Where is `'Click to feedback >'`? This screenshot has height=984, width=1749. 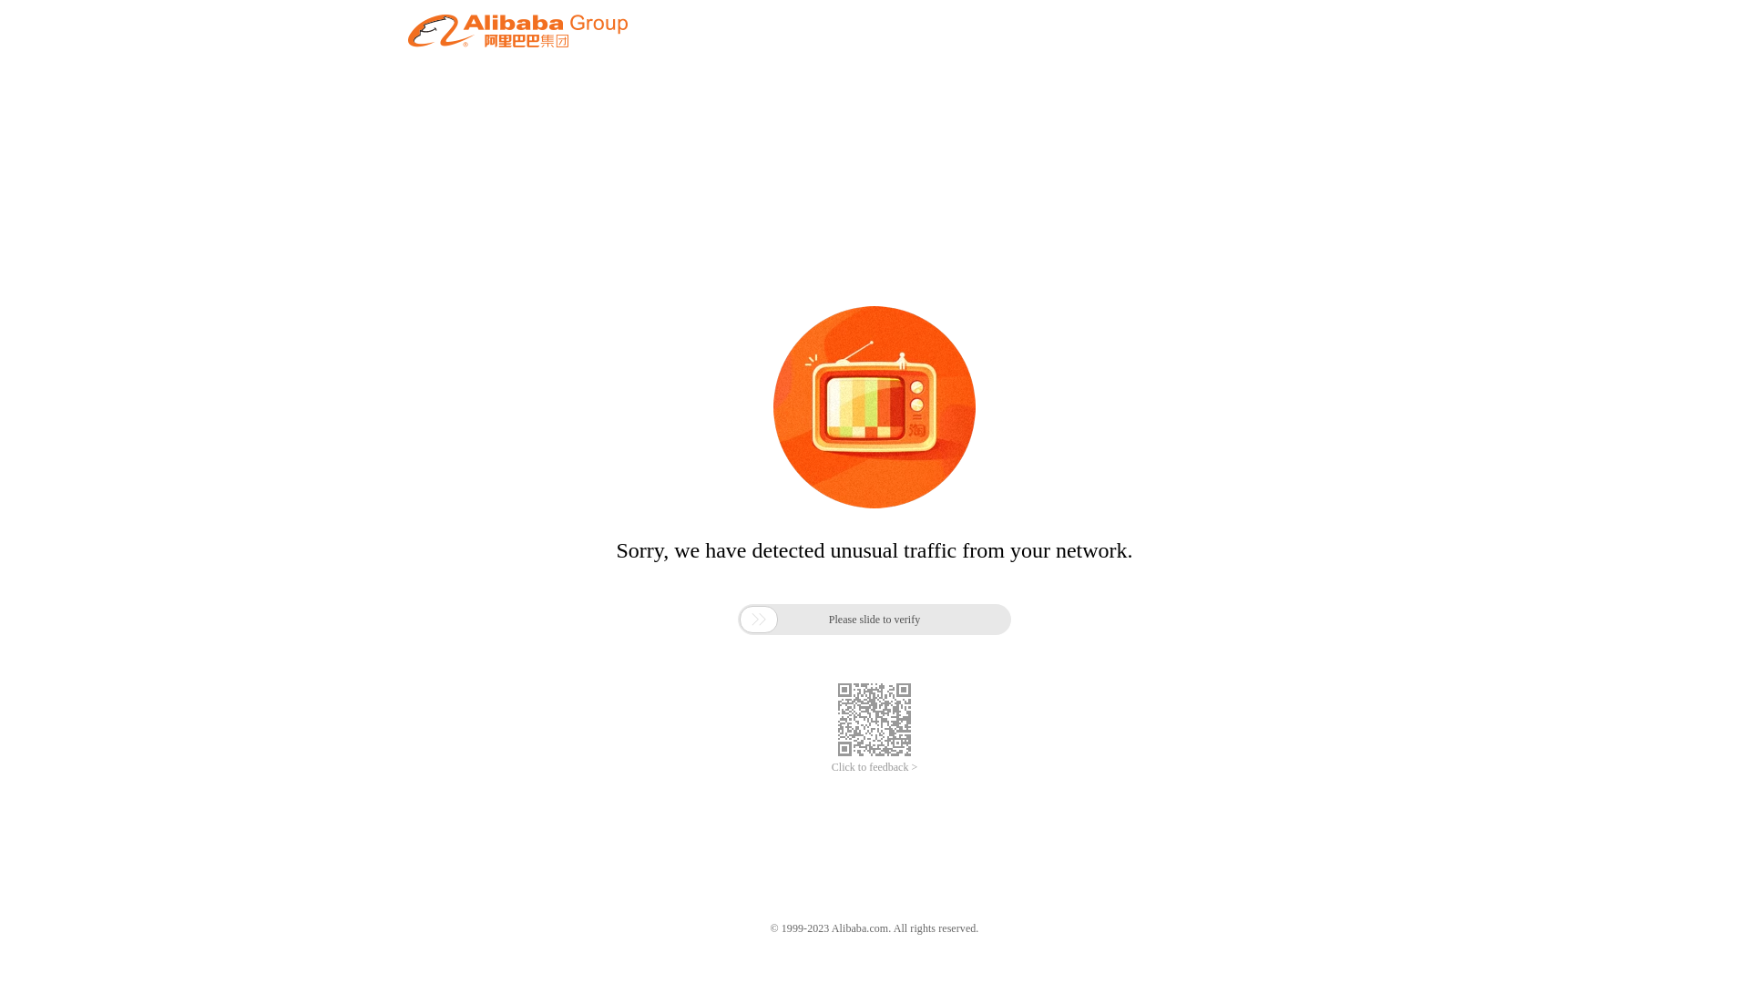
'Click to feedback >' is located at coordinates (874, 767).